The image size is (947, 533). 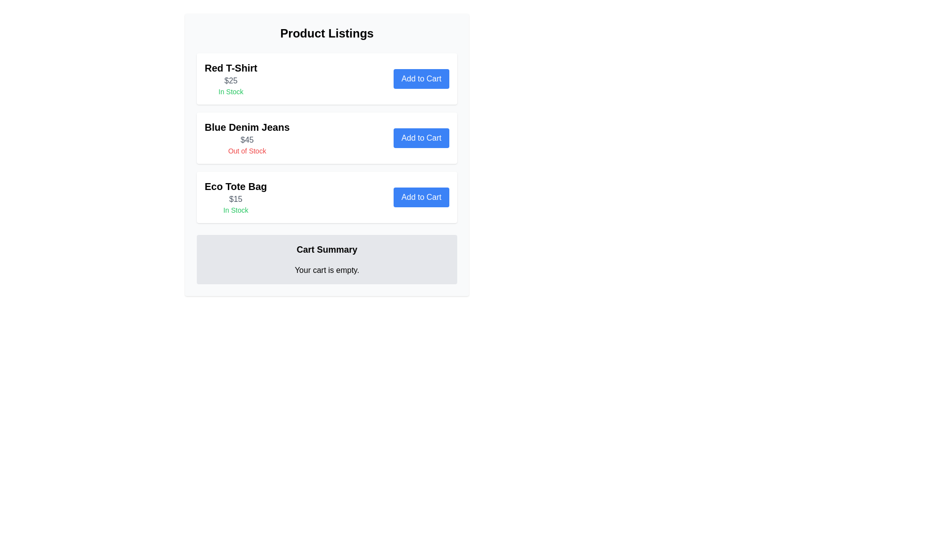 What do you see at coordinates (247, 138) in the screenshot?
I see `the text block displaying the product information for 'Blue Denim Jeans', which is located in the second product tile above the 'Add to Cart' button` at bounding box center [247, 138].